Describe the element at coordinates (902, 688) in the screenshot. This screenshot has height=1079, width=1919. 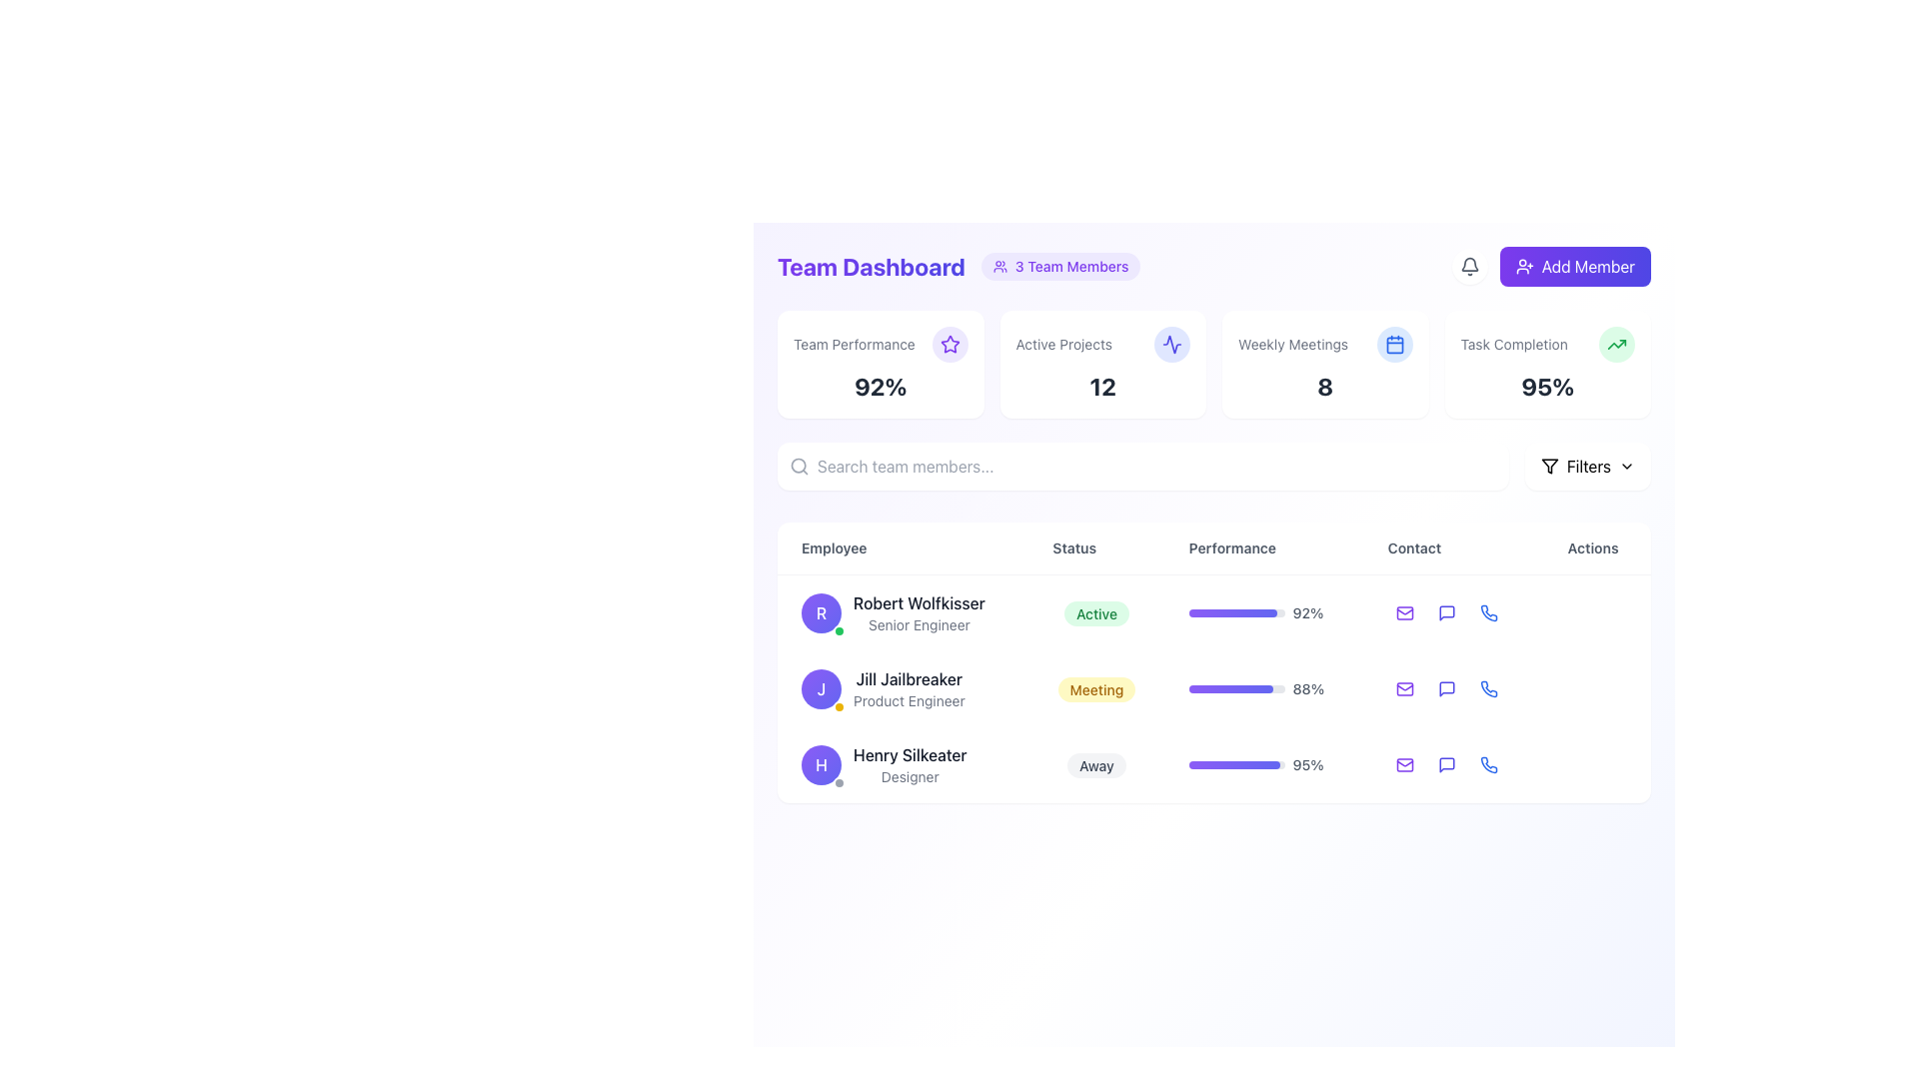
I see `the User Profile Card located in the second row of the Employee column` at that location.